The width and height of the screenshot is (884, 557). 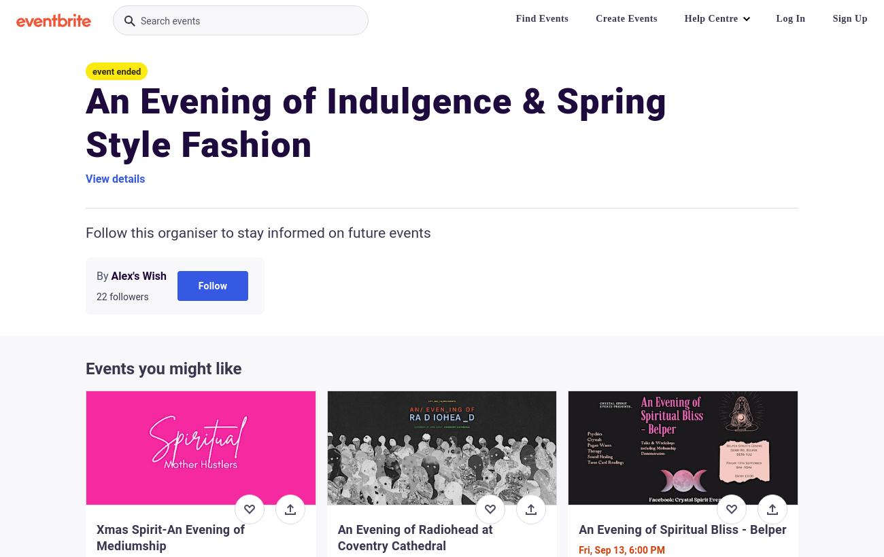 I want to click on 'Sign Up', so click(x=849, y=18).